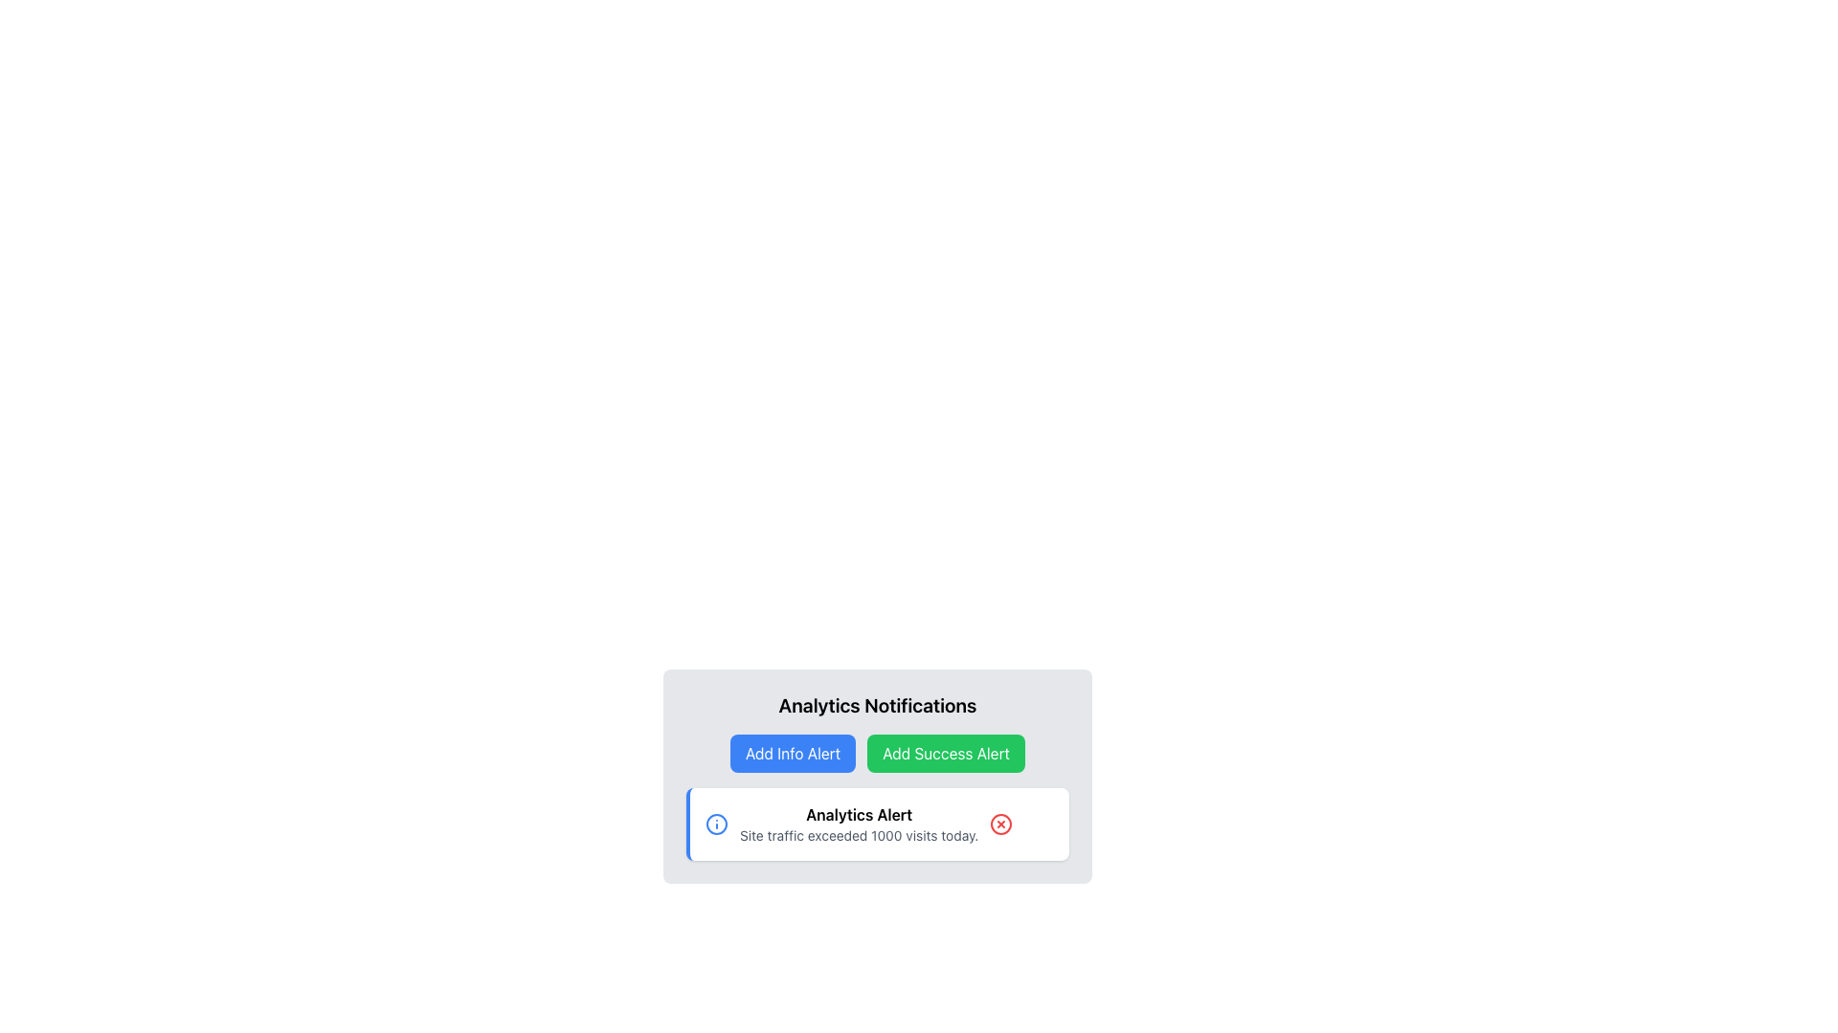  Describe the element at coordinates (946, 752) in the screenshot. I see `the green button labeled 'Add Success Alert'` at that location.